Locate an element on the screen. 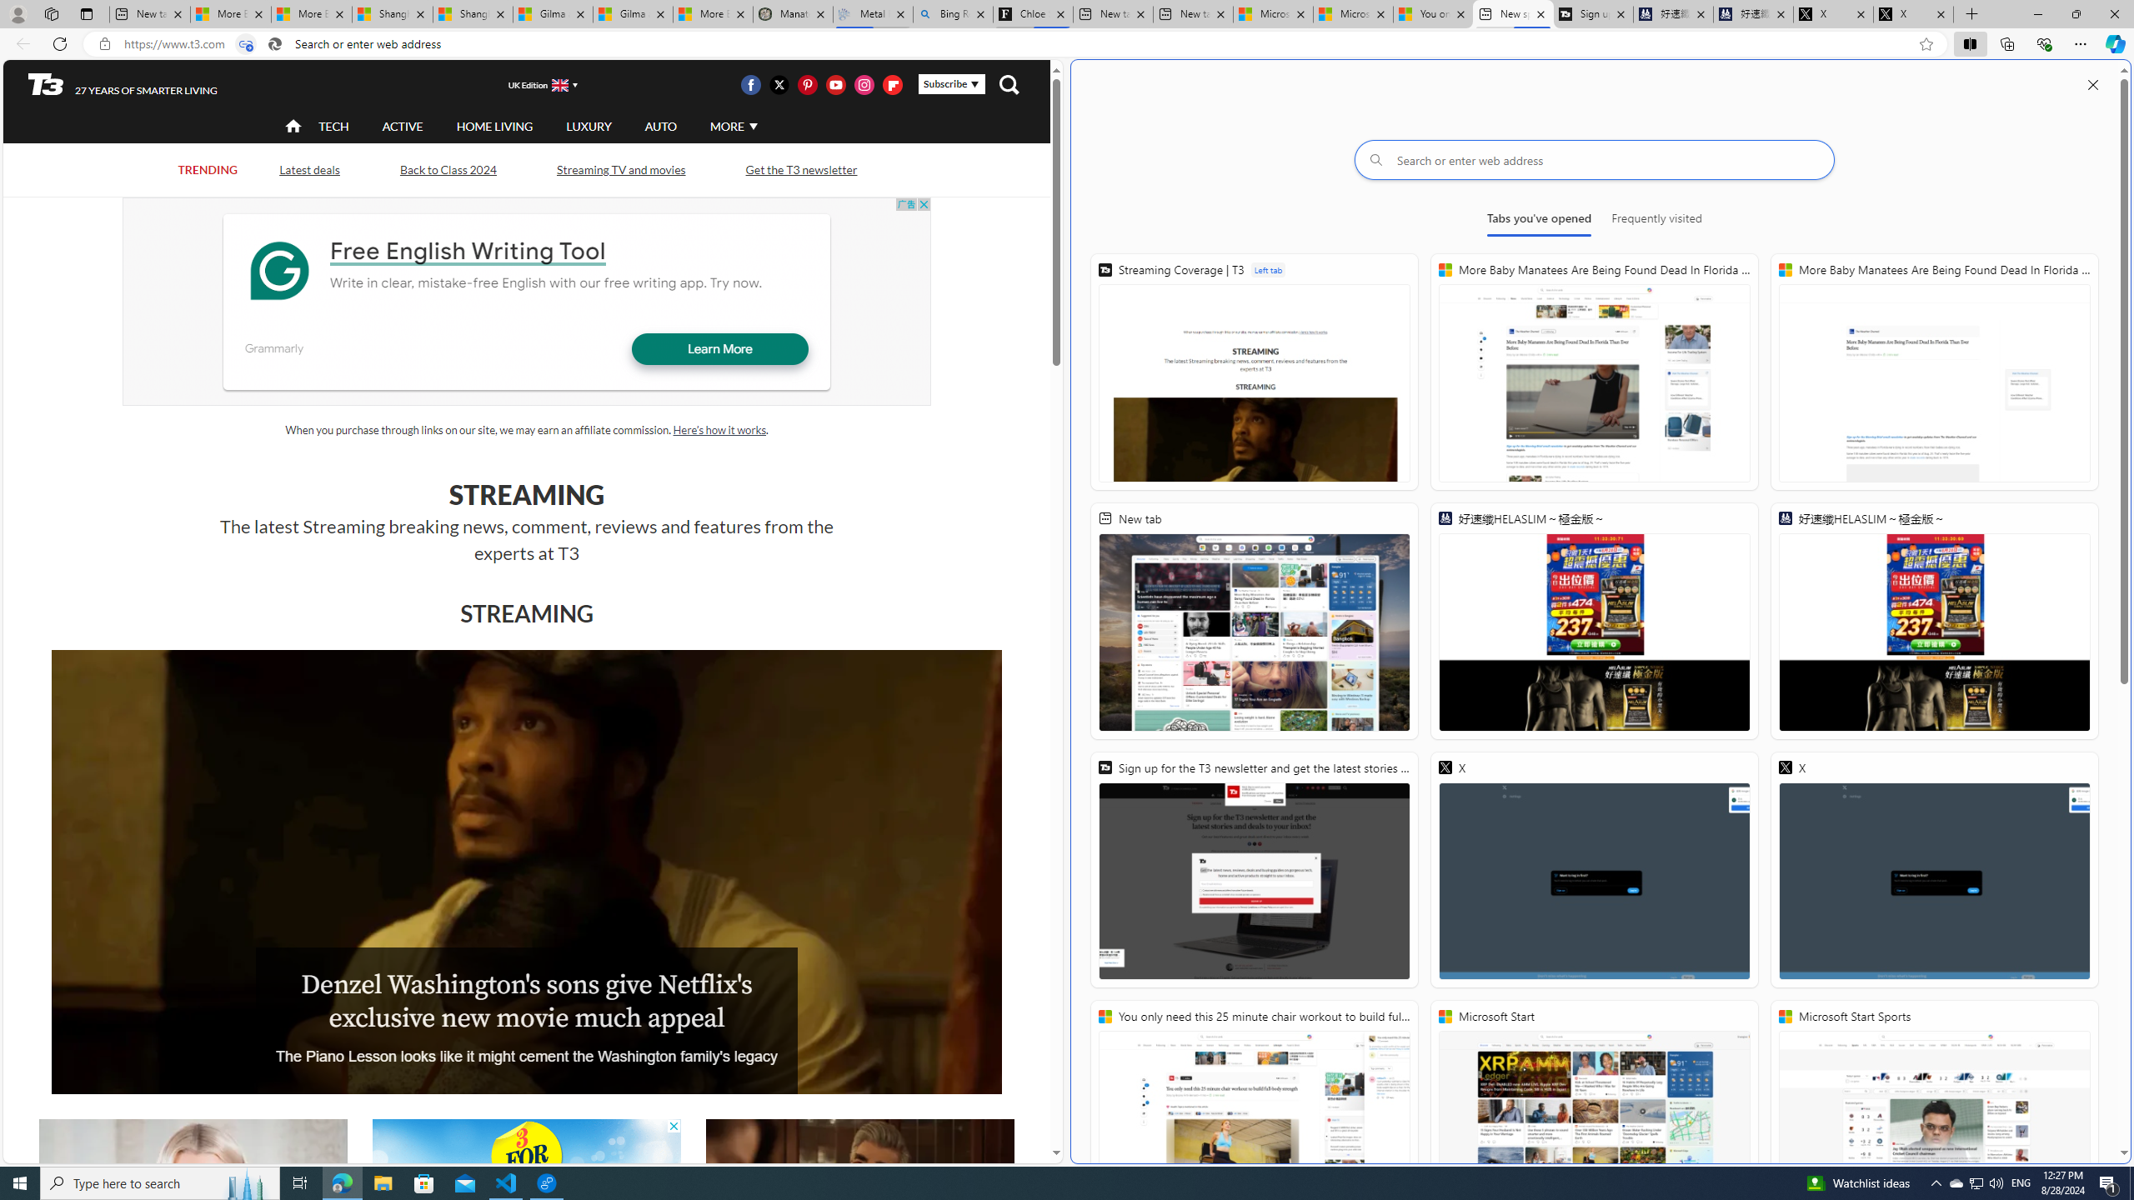 The height and width of the screenshot is (1200, 2134). 'Close split screen' is located at coordinates (2093, 83).